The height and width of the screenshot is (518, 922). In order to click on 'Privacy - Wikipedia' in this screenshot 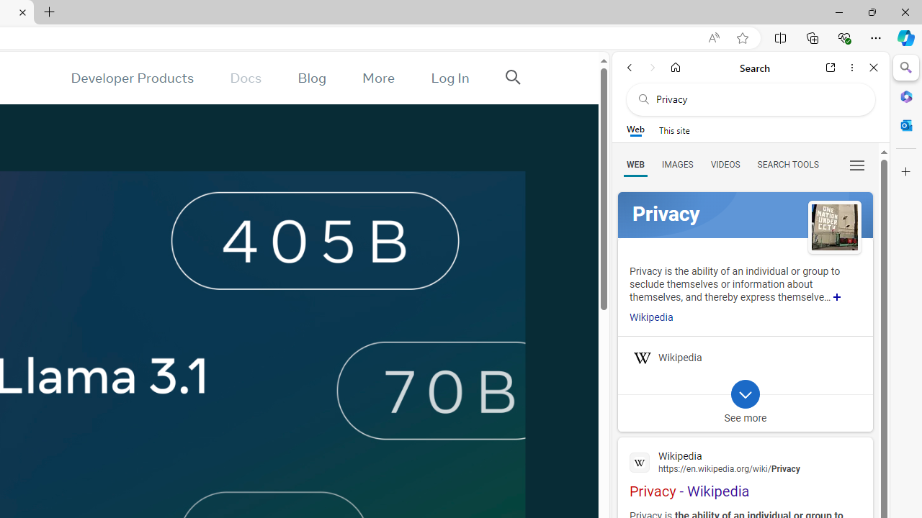, I will do `click(745, 473)`.